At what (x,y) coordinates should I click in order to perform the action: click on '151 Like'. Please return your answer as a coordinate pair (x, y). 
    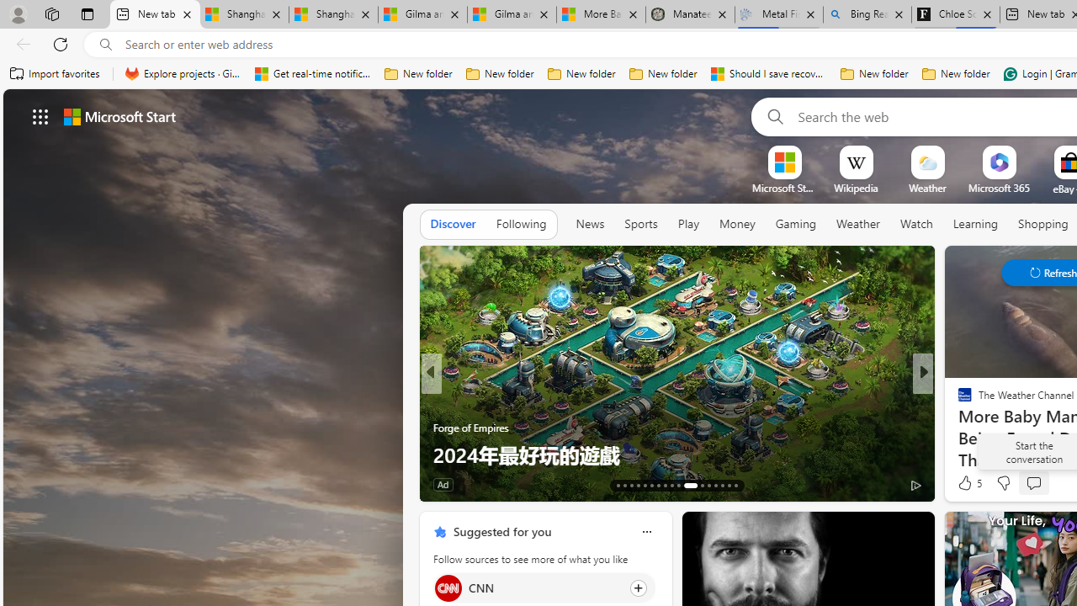
    Looking at the image, I should click on (969, 484).